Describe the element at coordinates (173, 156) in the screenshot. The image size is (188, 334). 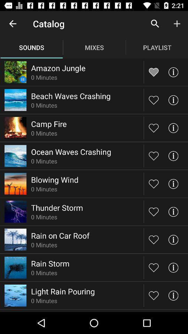
I see `information for ocean waves crashing` at that location.